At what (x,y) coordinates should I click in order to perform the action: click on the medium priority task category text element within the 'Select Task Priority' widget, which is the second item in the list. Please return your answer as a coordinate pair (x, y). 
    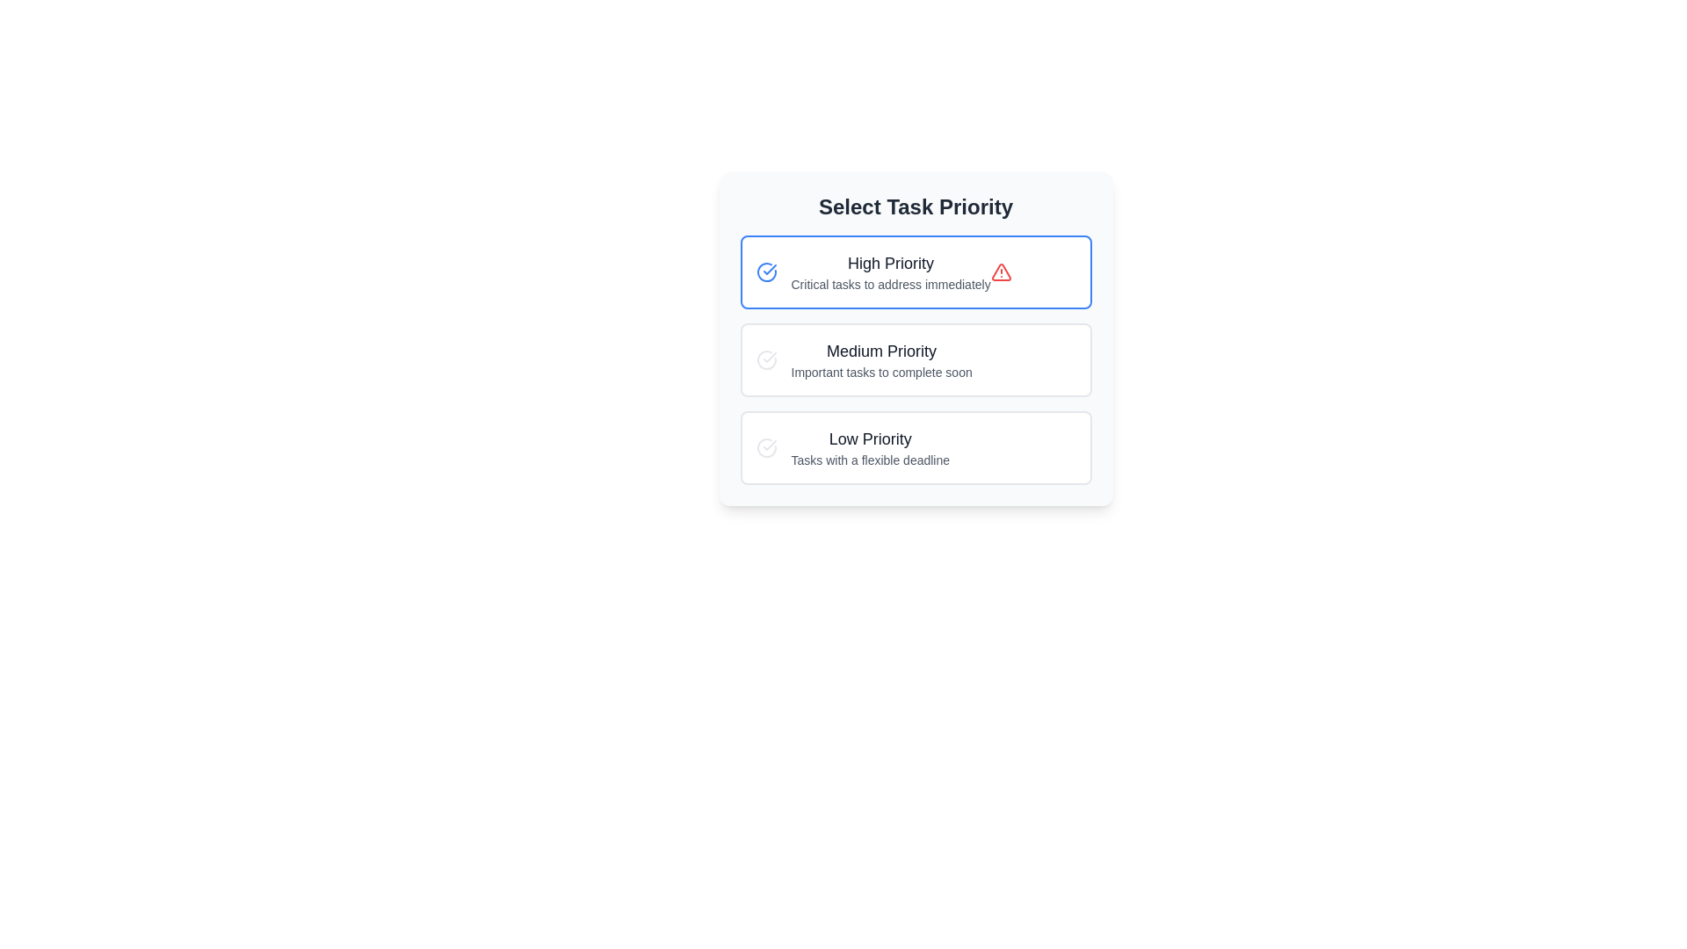
    Looking at the image, I should click on (864, 359).